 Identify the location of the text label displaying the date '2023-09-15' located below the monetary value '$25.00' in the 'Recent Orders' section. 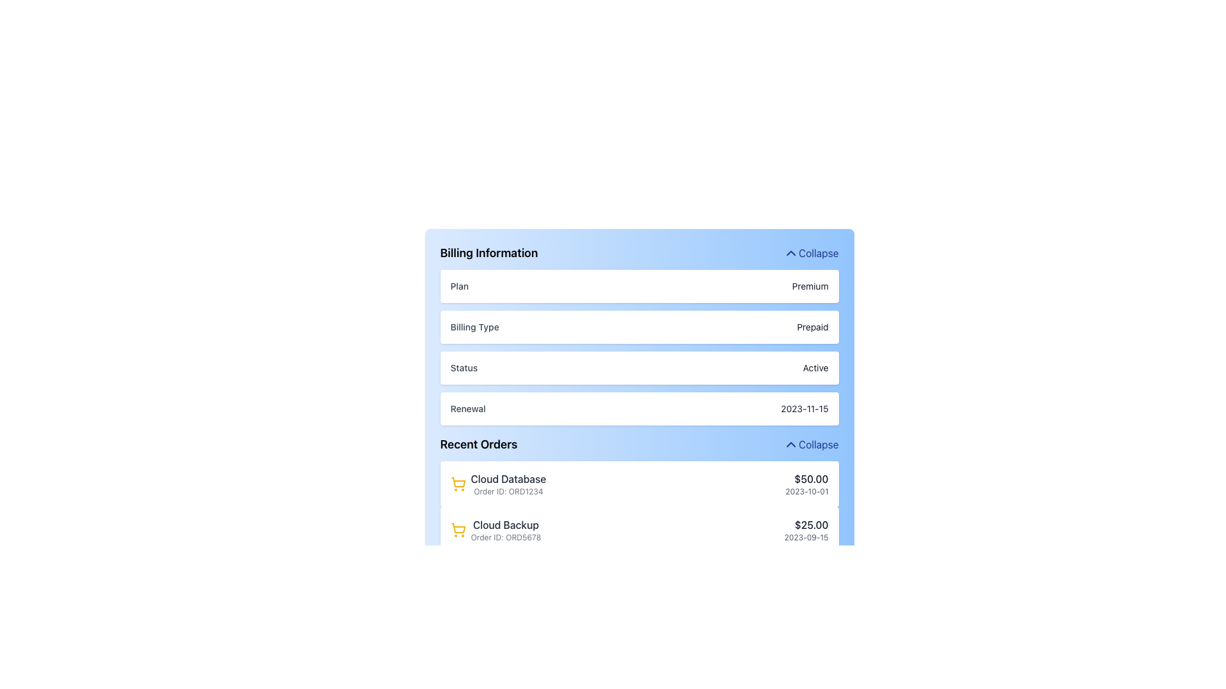
(805, 538).